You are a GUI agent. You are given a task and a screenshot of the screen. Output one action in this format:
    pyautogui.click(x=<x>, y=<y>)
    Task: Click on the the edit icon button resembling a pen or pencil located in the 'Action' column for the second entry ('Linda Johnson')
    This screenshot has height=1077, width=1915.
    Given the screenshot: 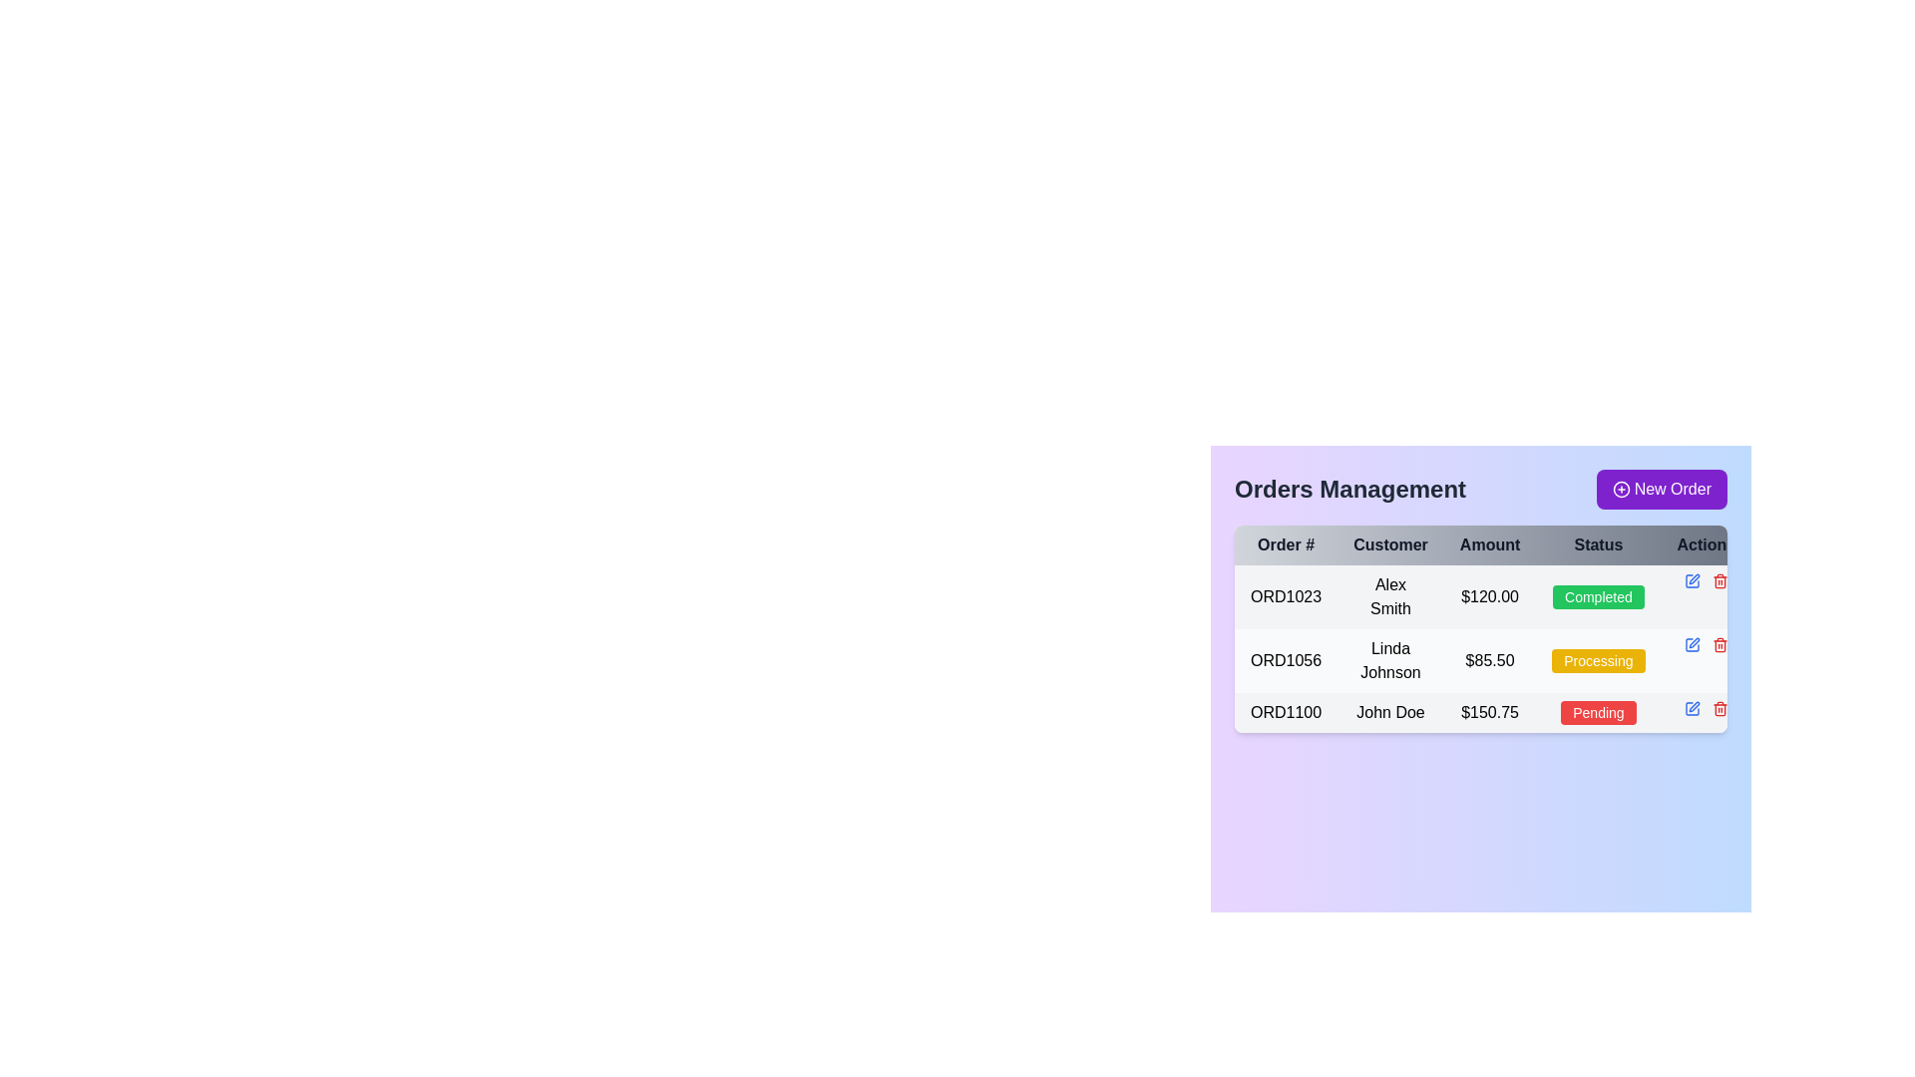 What is the action you would take?
    pyautogui.click(x=1693, y=642)
    